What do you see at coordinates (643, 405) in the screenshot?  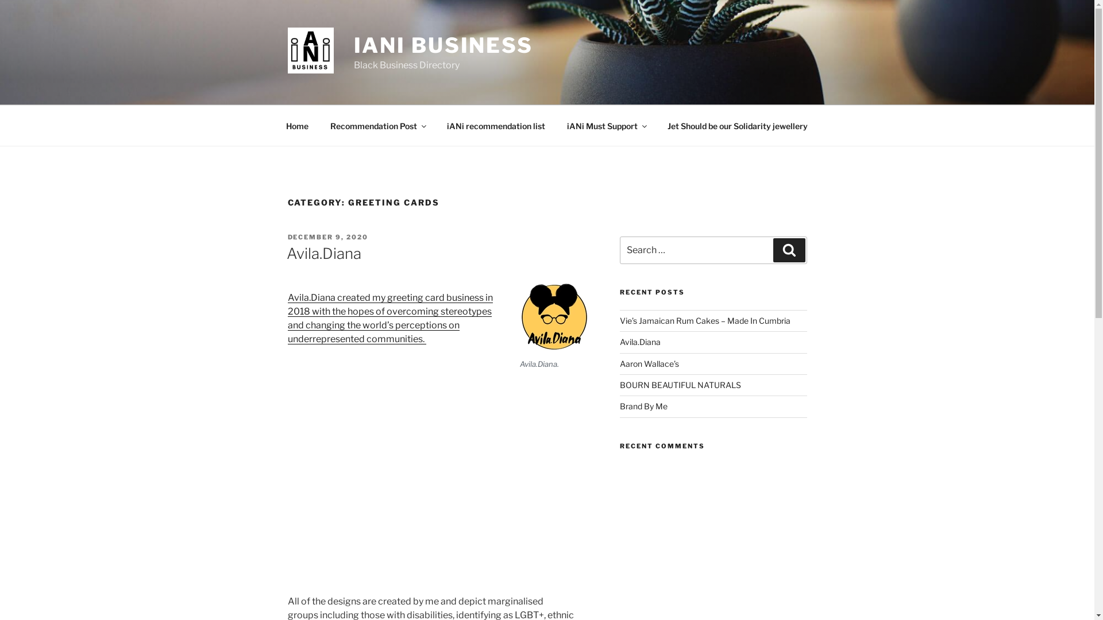 I see `'Brand By Me'` at bounding box center [643, 405].